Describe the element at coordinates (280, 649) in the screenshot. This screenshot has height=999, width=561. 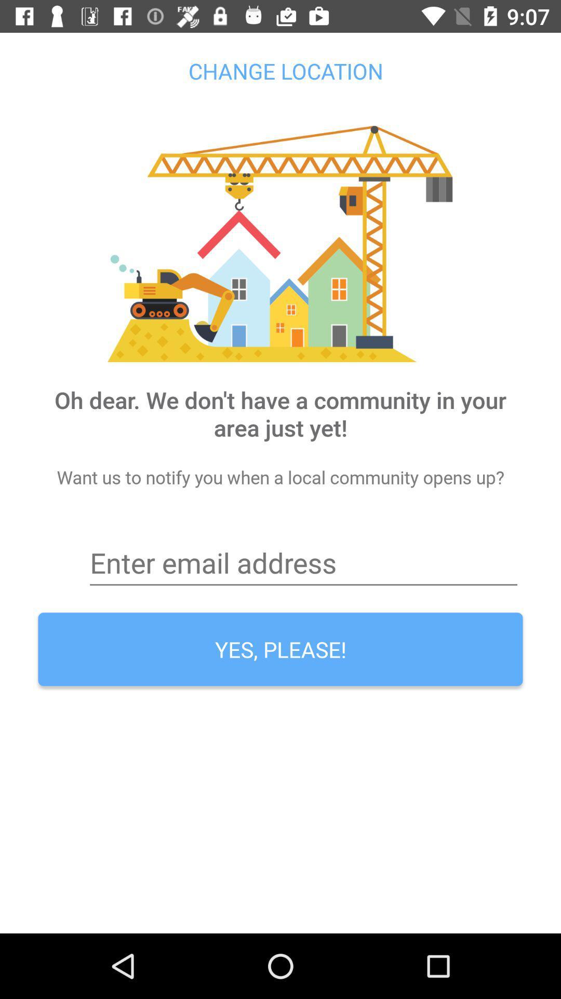
I see `the yes, please! item` at that location.